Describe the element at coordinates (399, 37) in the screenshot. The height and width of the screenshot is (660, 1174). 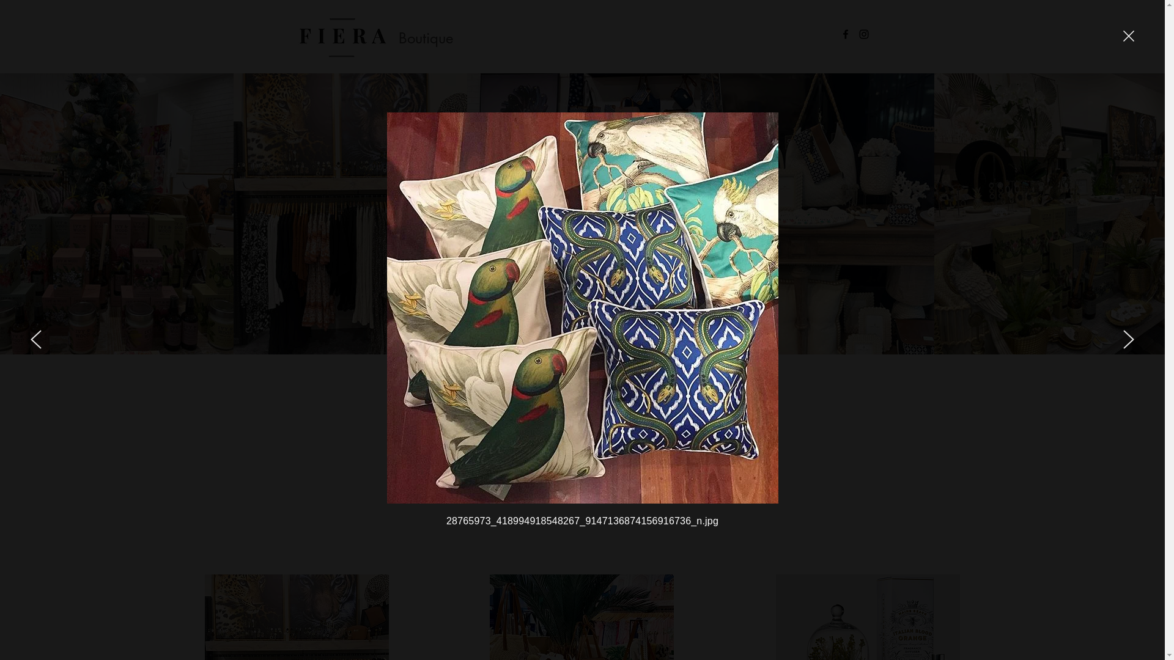
I see `'Boutique'` at that location.